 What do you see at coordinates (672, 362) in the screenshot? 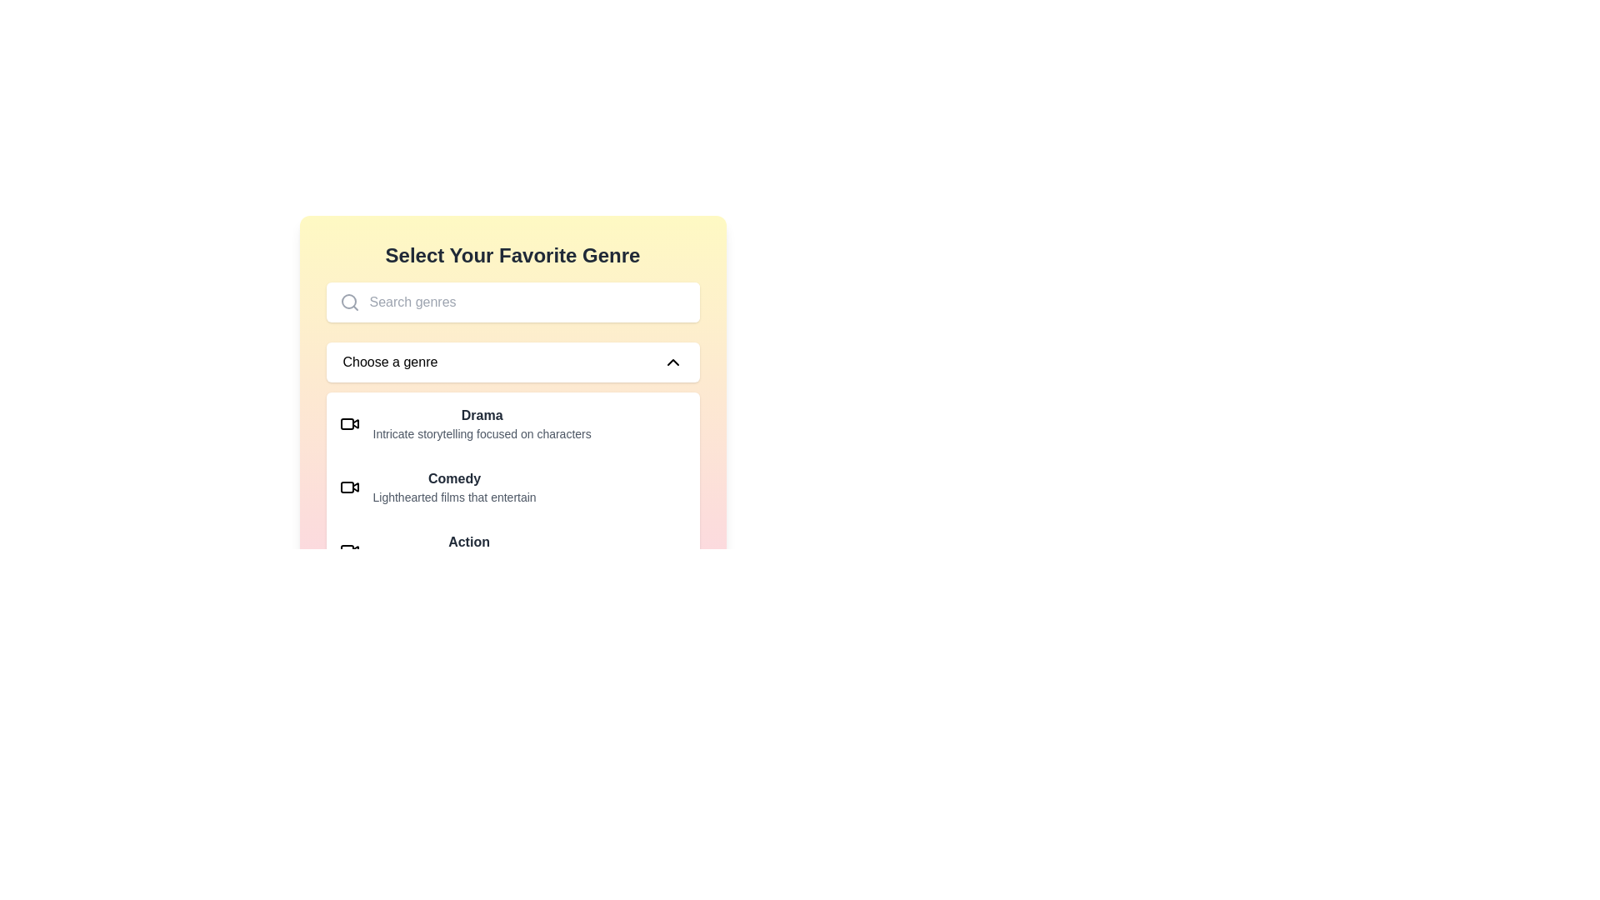
I see `the chevron-up navigation icon located on the right side of the 'Choose a genre' box` at bounding box center [672, 362].